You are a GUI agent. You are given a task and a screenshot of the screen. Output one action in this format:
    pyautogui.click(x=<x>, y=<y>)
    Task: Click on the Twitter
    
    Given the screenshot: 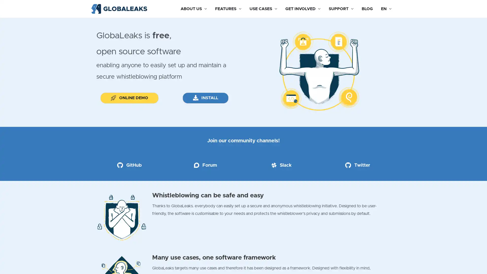 What is the action you would take?
    pyautogui.click(x=357, y=165)
    